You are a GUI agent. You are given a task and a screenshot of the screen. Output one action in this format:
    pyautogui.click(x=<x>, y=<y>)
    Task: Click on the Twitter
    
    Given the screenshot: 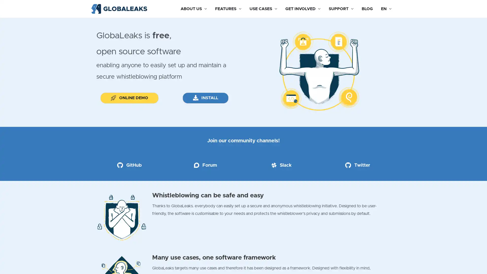 What is the action you would take?
    pyautogui.click(x=357, y=165)
    